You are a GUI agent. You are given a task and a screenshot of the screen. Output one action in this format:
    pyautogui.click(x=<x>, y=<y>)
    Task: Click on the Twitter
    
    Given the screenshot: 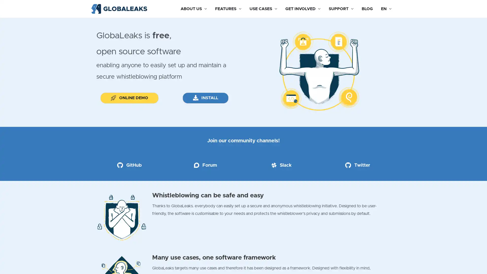 What is the action you would take?
    pyautogui.click(x=357, y=165)
    